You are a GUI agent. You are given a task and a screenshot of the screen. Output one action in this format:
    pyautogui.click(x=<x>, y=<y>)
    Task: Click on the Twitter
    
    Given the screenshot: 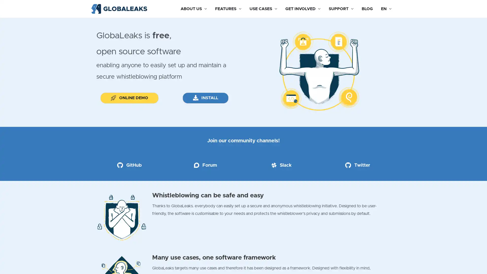 What is the action you would take?
    pyautogui.click(x=357, y=165)
    